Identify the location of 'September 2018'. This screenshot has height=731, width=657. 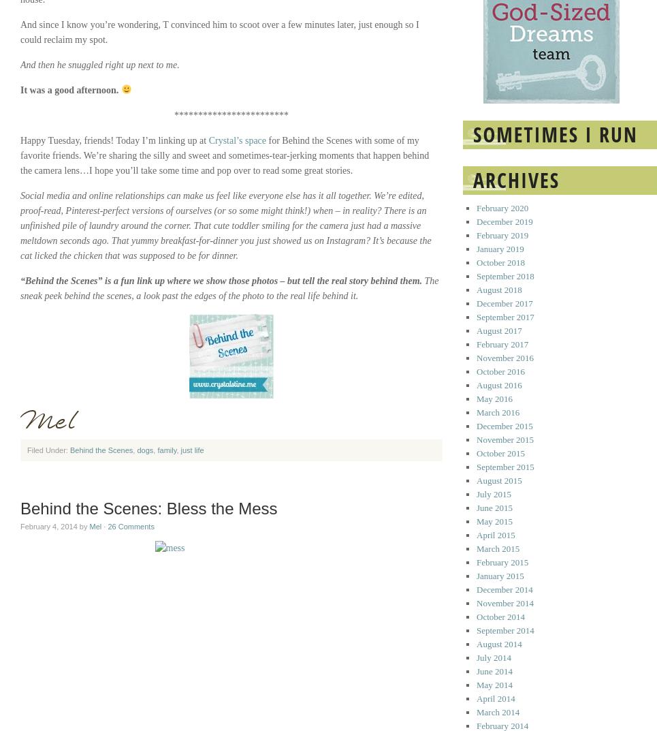
(504, 275).